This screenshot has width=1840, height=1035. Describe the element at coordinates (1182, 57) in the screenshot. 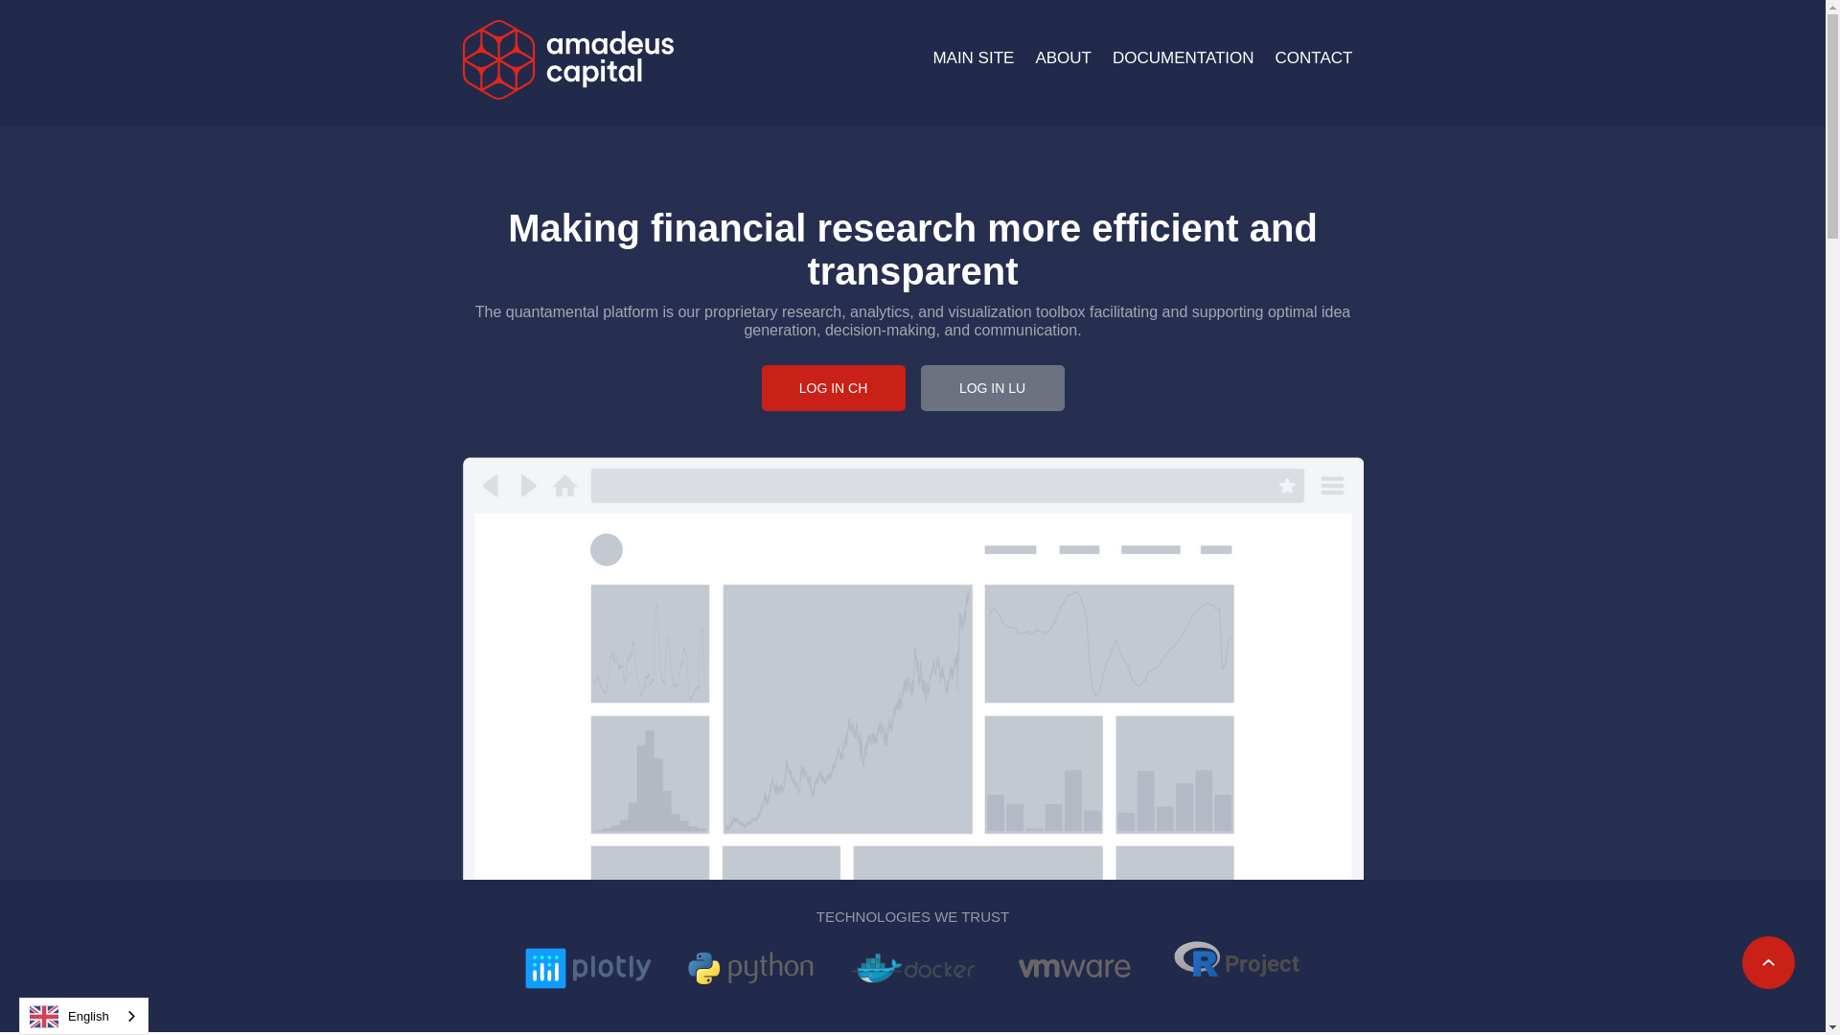

I see `'DOCUMENTATION'` at that location.